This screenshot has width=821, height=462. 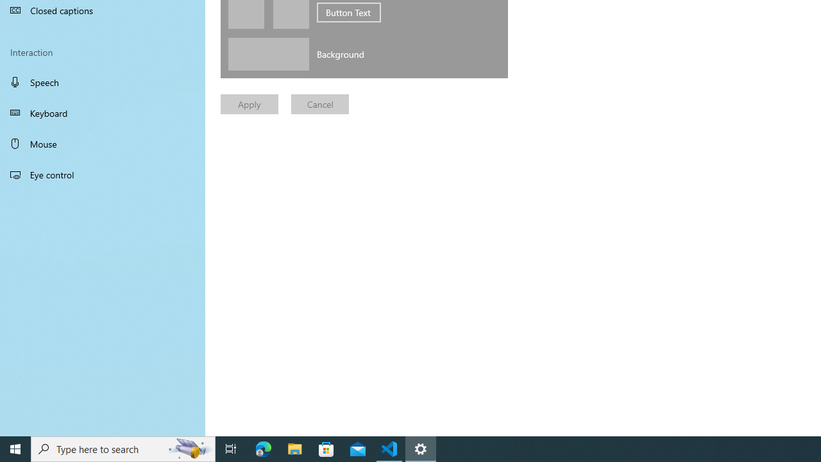 I want to click on 'File Explorer', so click(x=294, y=448).